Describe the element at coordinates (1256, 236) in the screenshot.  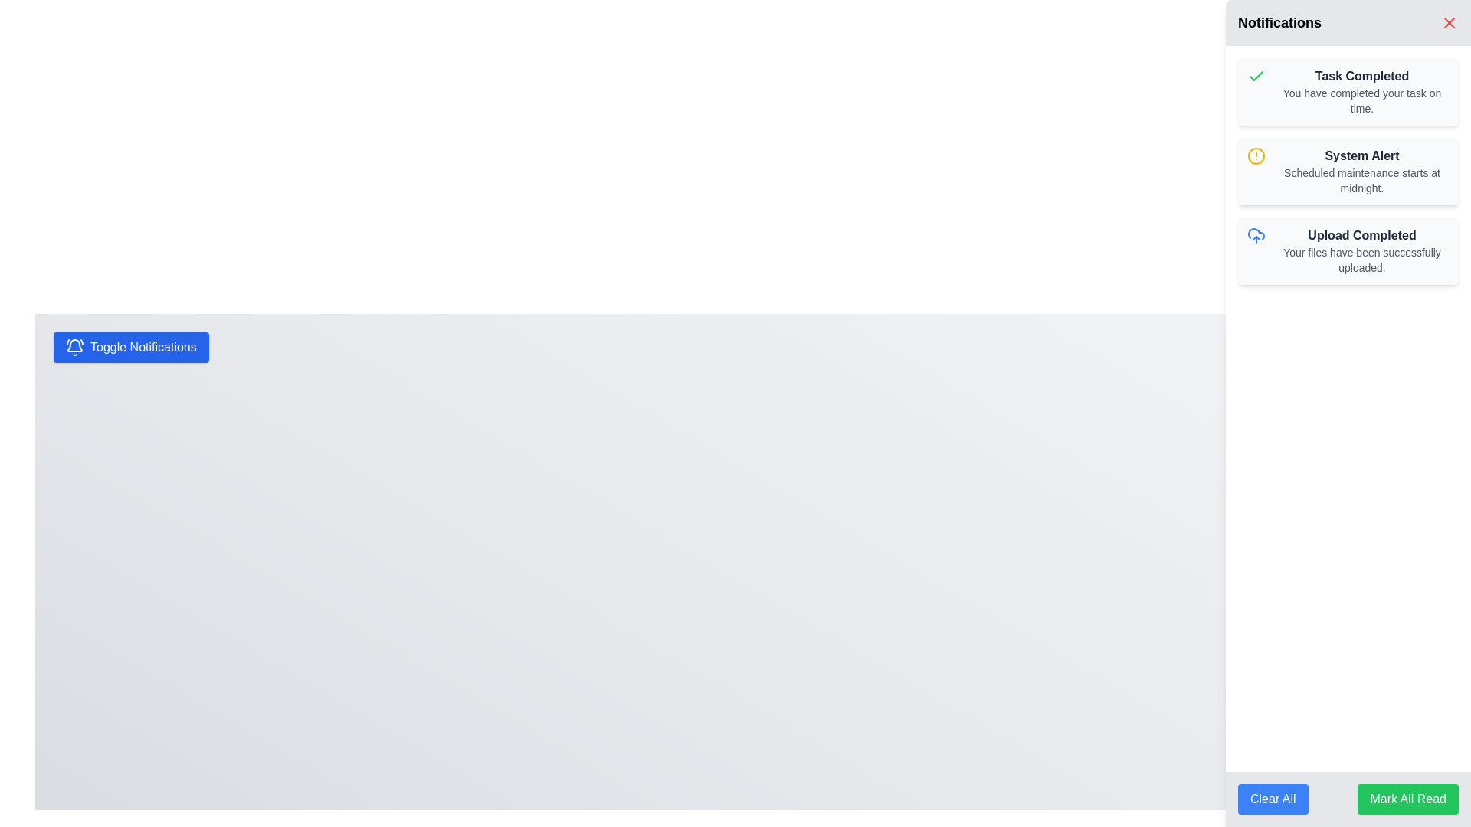
I see `the small cloud-shaped blue upload icon located to the left of the 'Upload Completed' notification text` at that location.